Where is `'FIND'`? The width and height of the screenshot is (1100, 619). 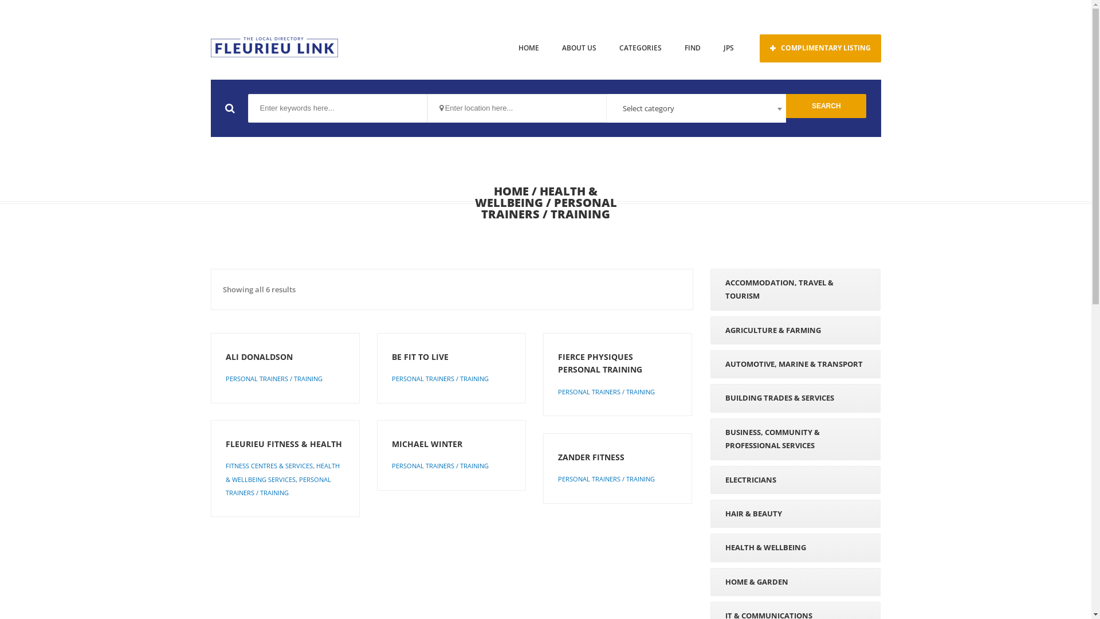 'FIND' is located at coordinates (692, 48).